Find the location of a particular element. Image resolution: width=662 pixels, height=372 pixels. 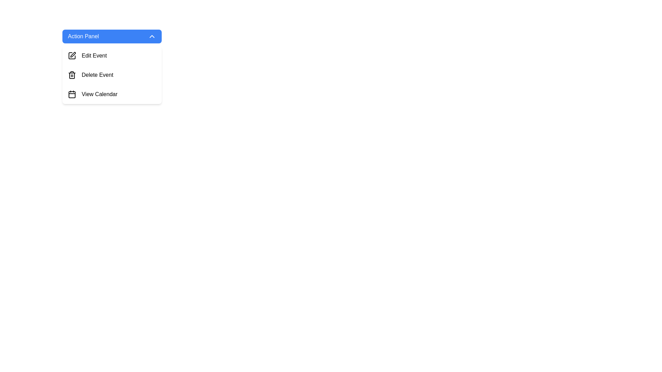

the delete event button with icon and text located in the Action Panel, positioned between 'Edit Event' and 'View Calendar' is located at coordinates (112, 75).